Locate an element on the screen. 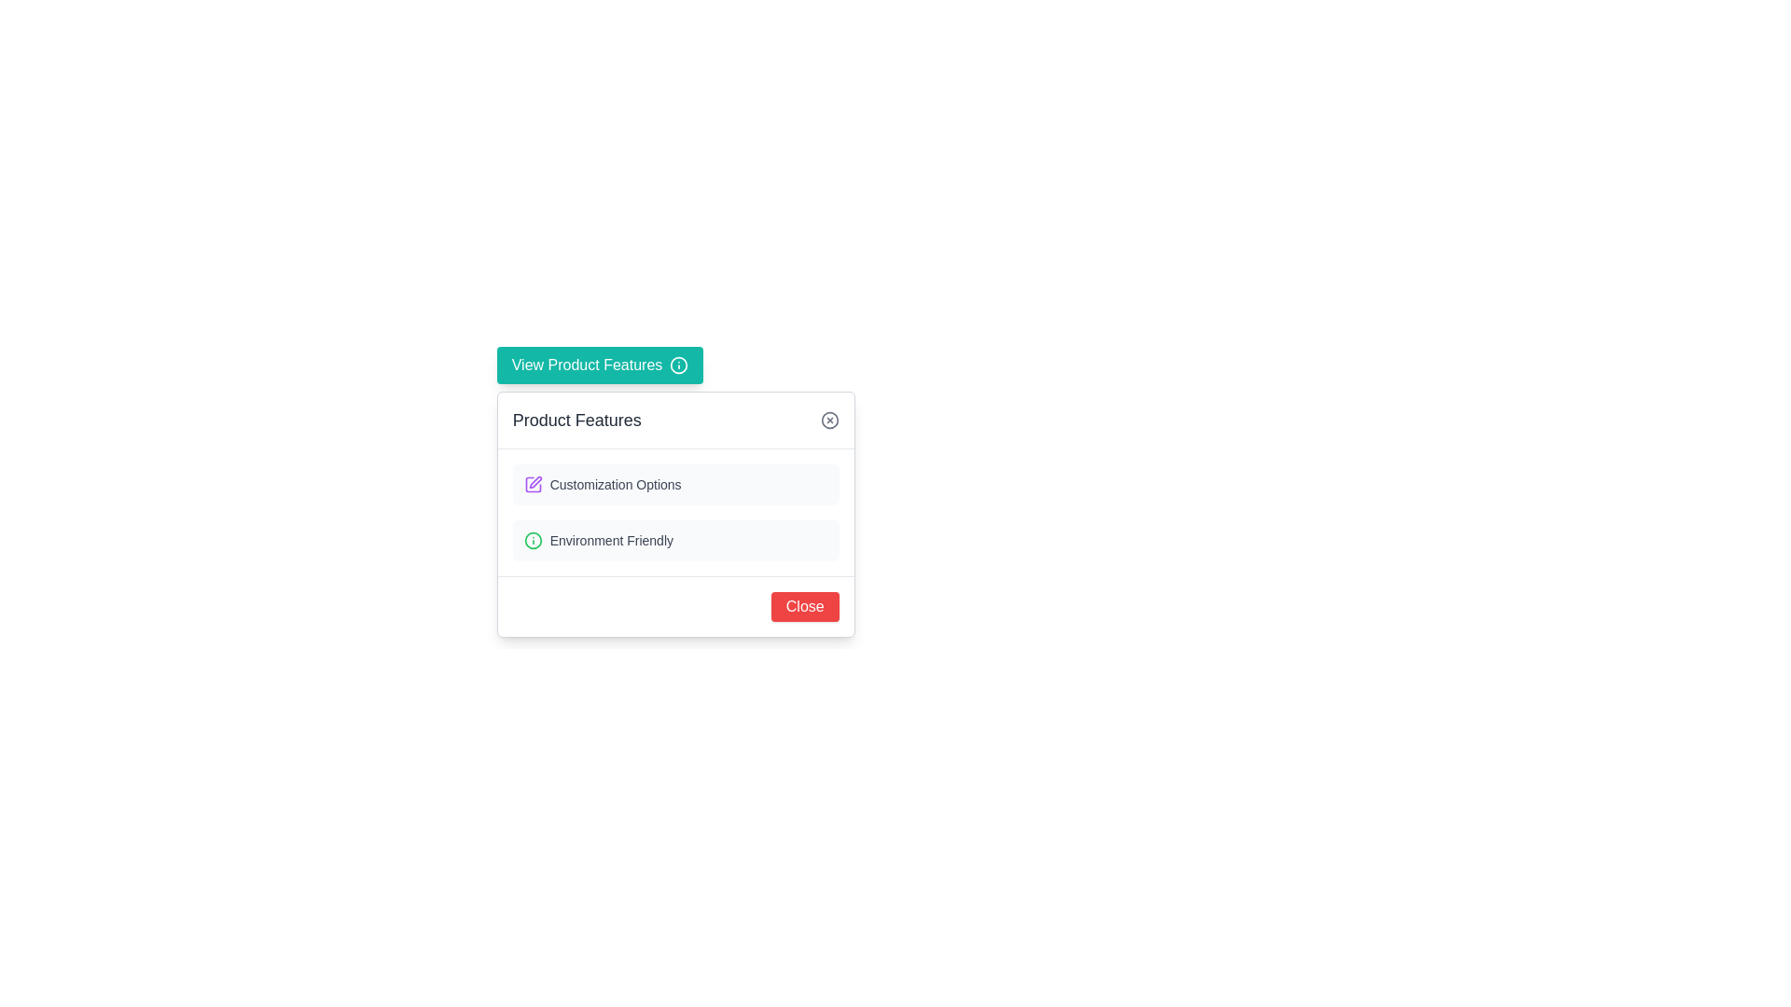 Image resolution: width=1791 pixels, height=1007 pixels. the graphical icon (circle) located to the left of the text 'Environment Friendly' in the feature list of the modal dialog is located at coordinates (532, 540).